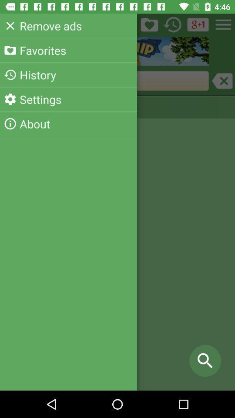  What do you see at coordinates (149, 24) in the screenshot?
I see `the folder icon` at bounding box center [149, 24].